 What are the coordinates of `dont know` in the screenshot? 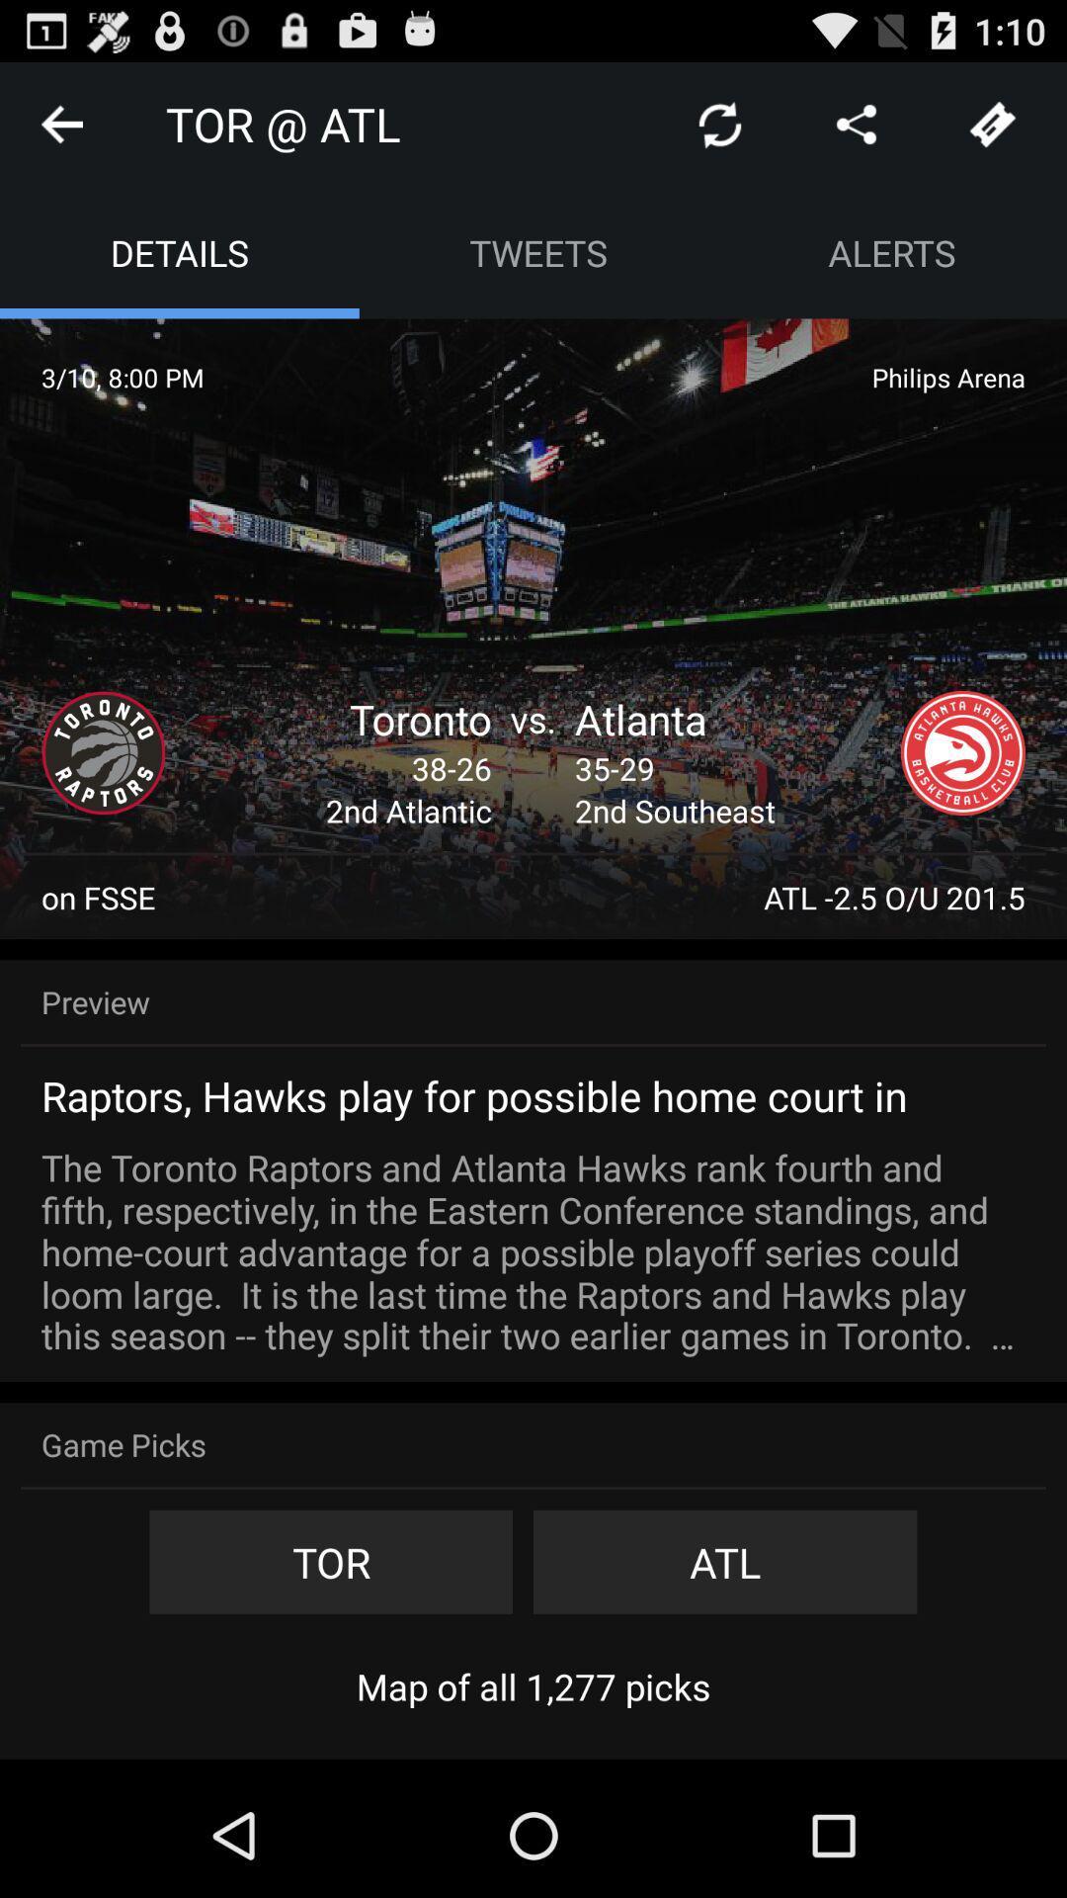 It's located at (993, 123).